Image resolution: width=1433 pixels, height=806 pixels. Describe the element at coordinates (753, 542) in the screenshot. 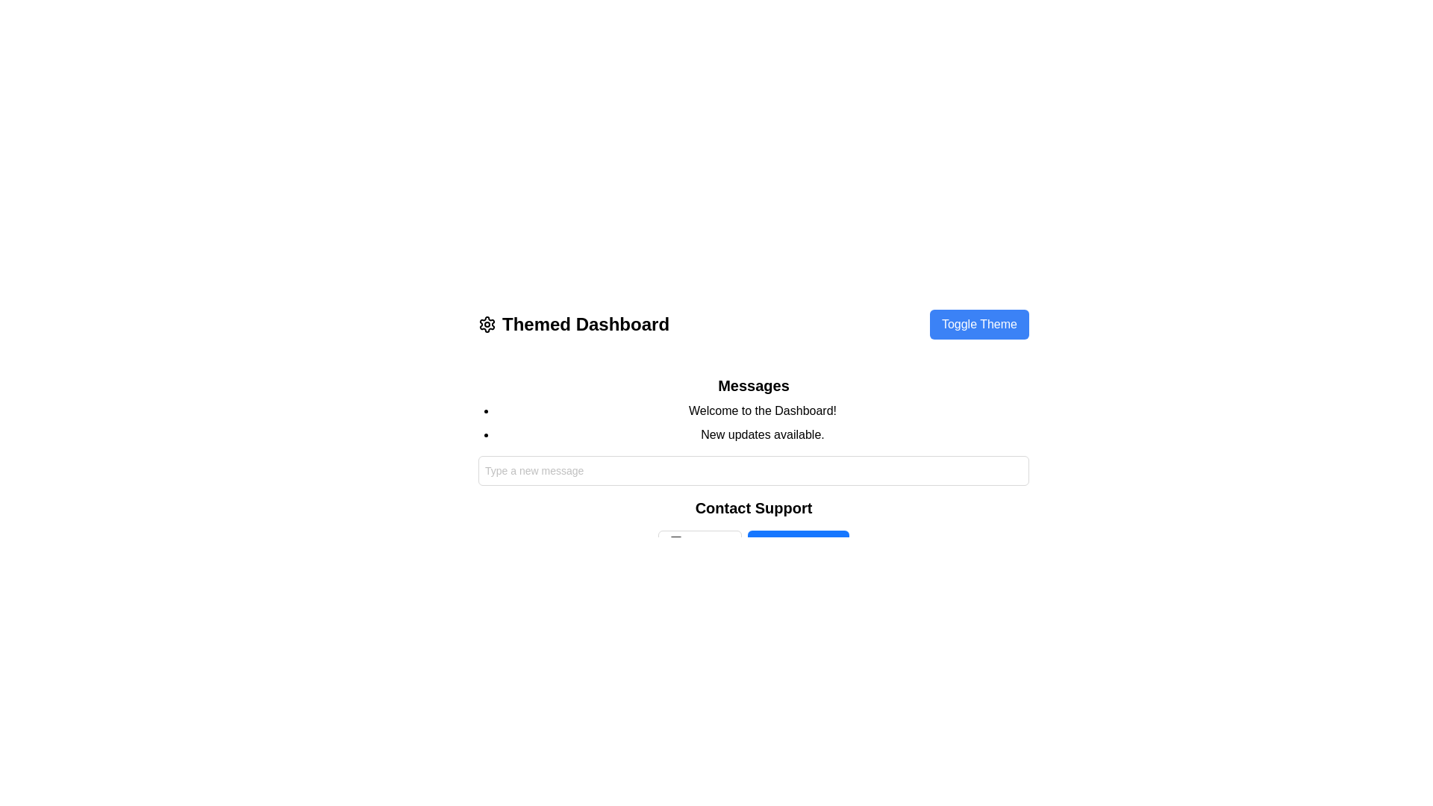

I see `the links in the 'Contact Support' section, specifically the second link under the heading, which is part of the Horizontal Layout with links and icons` at that location.